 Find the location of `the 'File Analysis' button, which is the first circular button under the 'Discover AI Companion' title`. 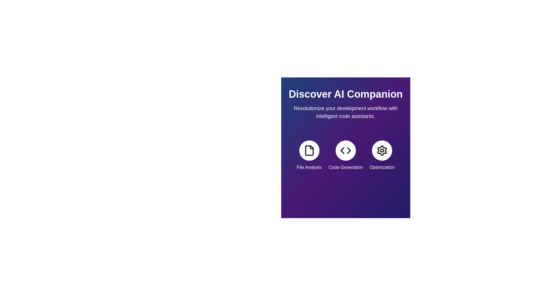

the 'File Analysis' button, which is the first circular button under the 'Discover AI Companion' title is located at coordinates (309, 150).